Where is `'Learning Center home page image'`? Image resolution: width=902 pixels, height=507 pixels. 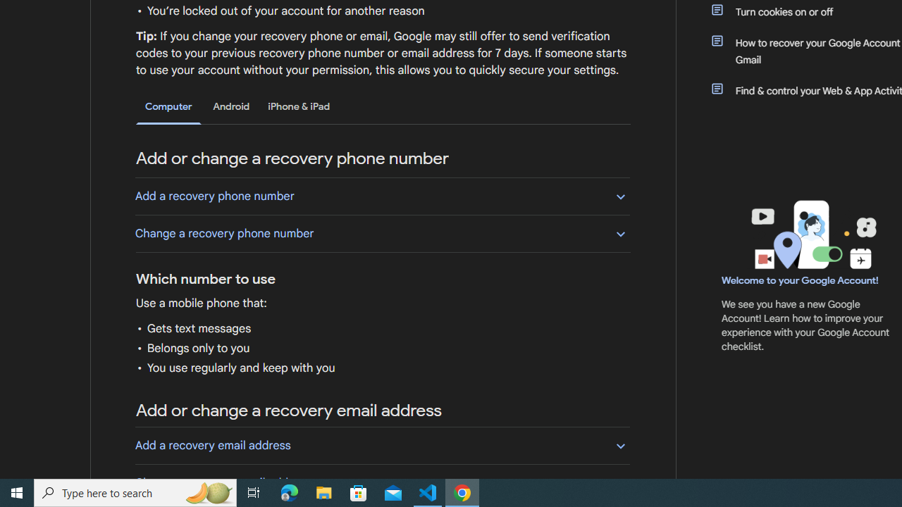 'Learning Center home page image' is located at coordinates (812, 234).